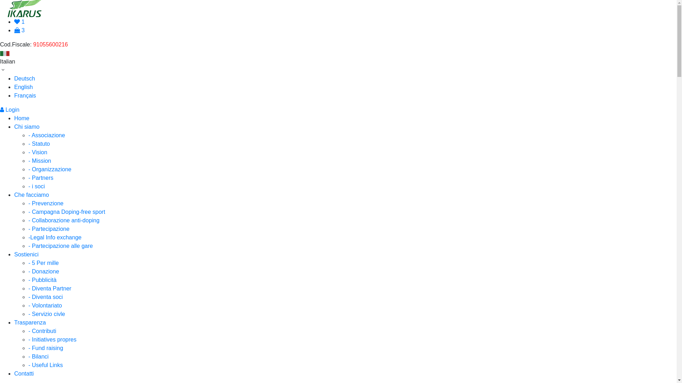 This screenshot has width=682, height=383. I want to click on '- Collaborazione anti-doping', so click(64, 220).